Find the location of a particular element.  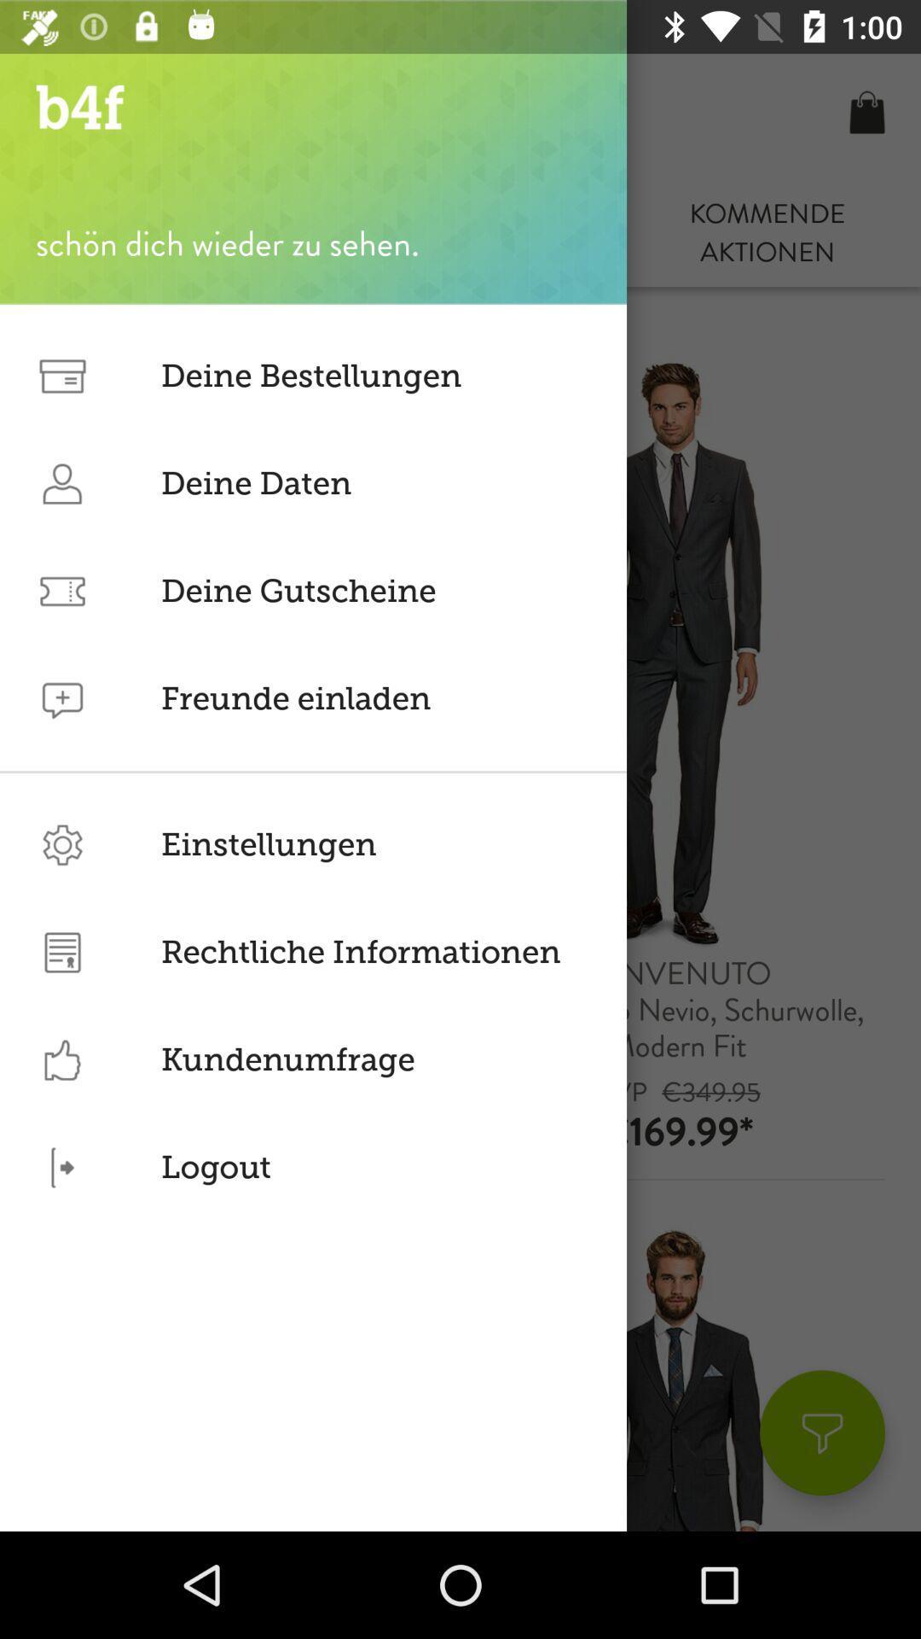

the filter icon is located at coordinates (821, 1432).